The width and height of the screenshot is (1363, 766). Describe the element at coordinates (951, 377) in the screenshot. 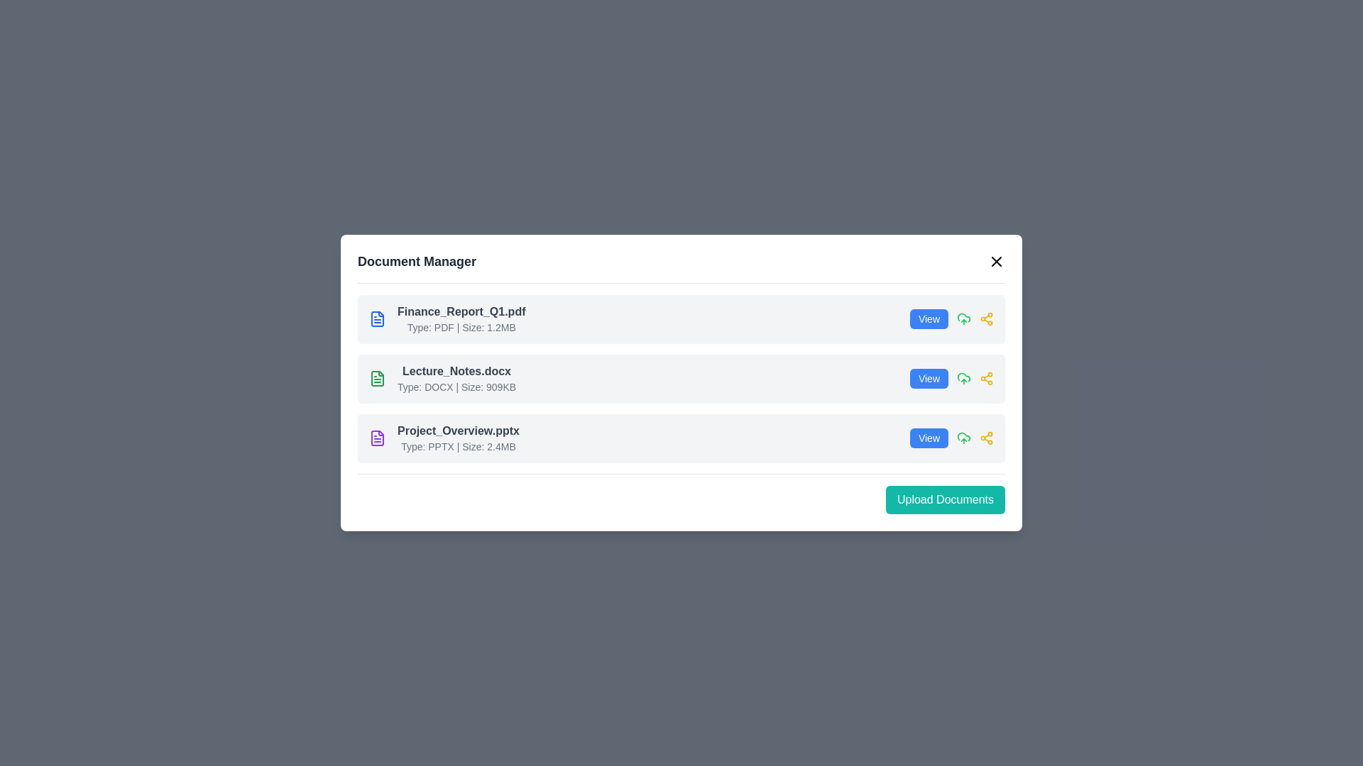

I see `the button that allows users` at that location.